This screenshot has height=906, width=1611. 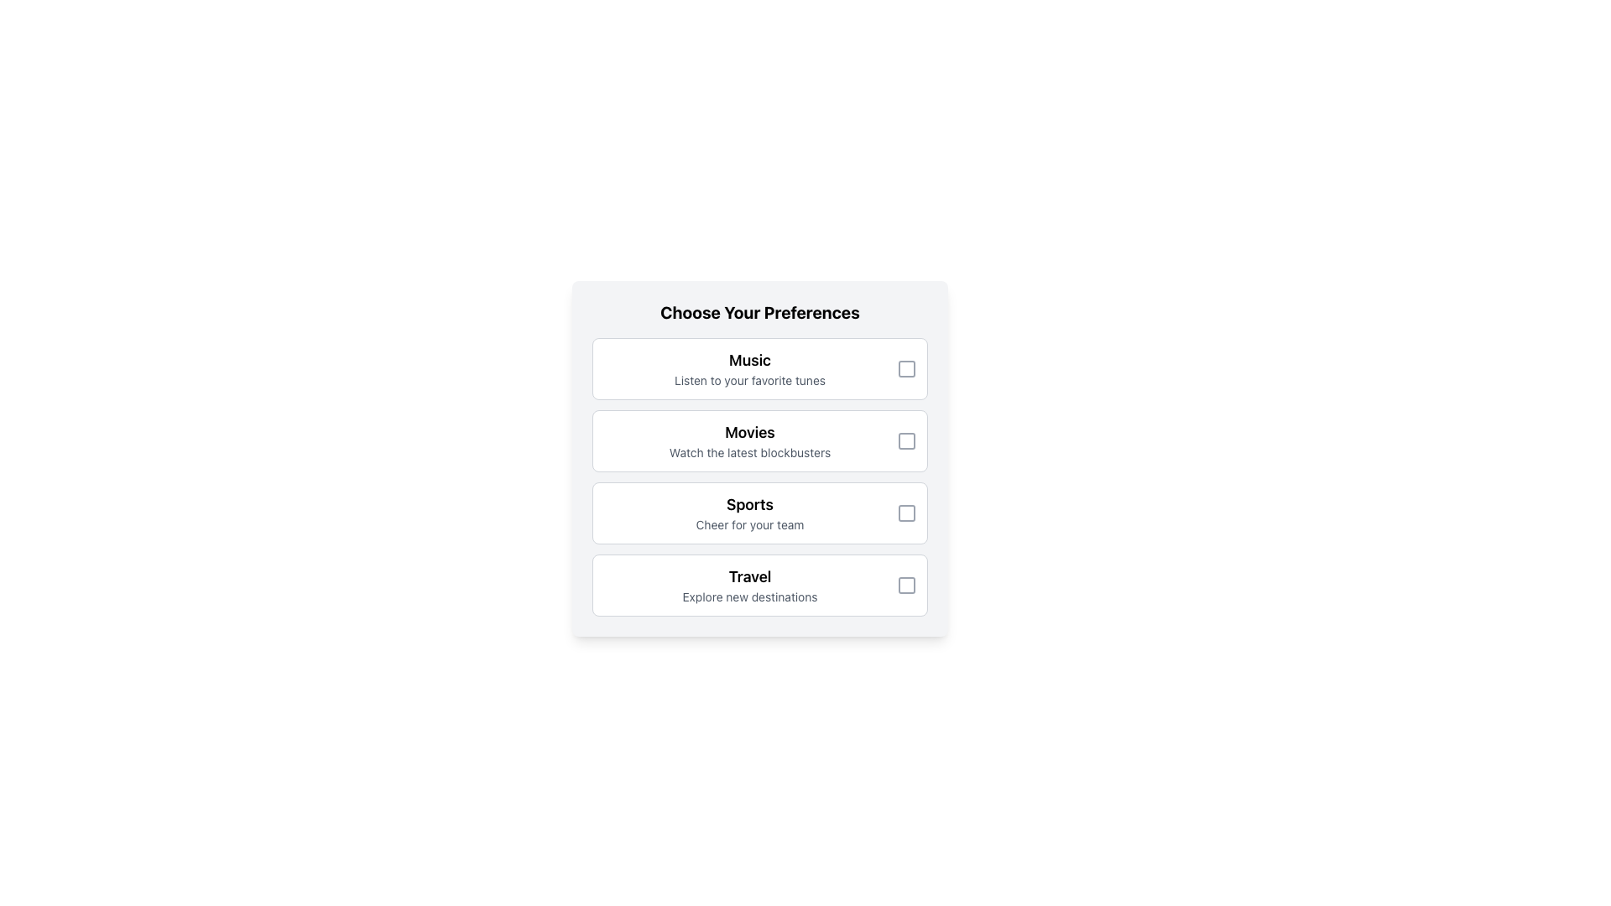 I want to click on the checkbox for the 'Travel' preference, so click(x=905, y=585).